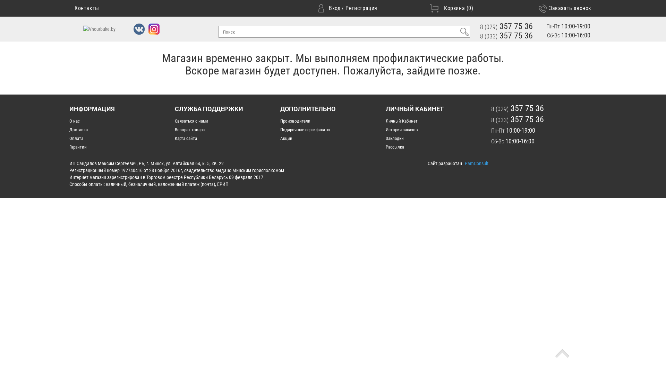 The height and width of the screenshot is (374, 666). I want to click on '8 (029) 357 75 36', so click(506, 26).